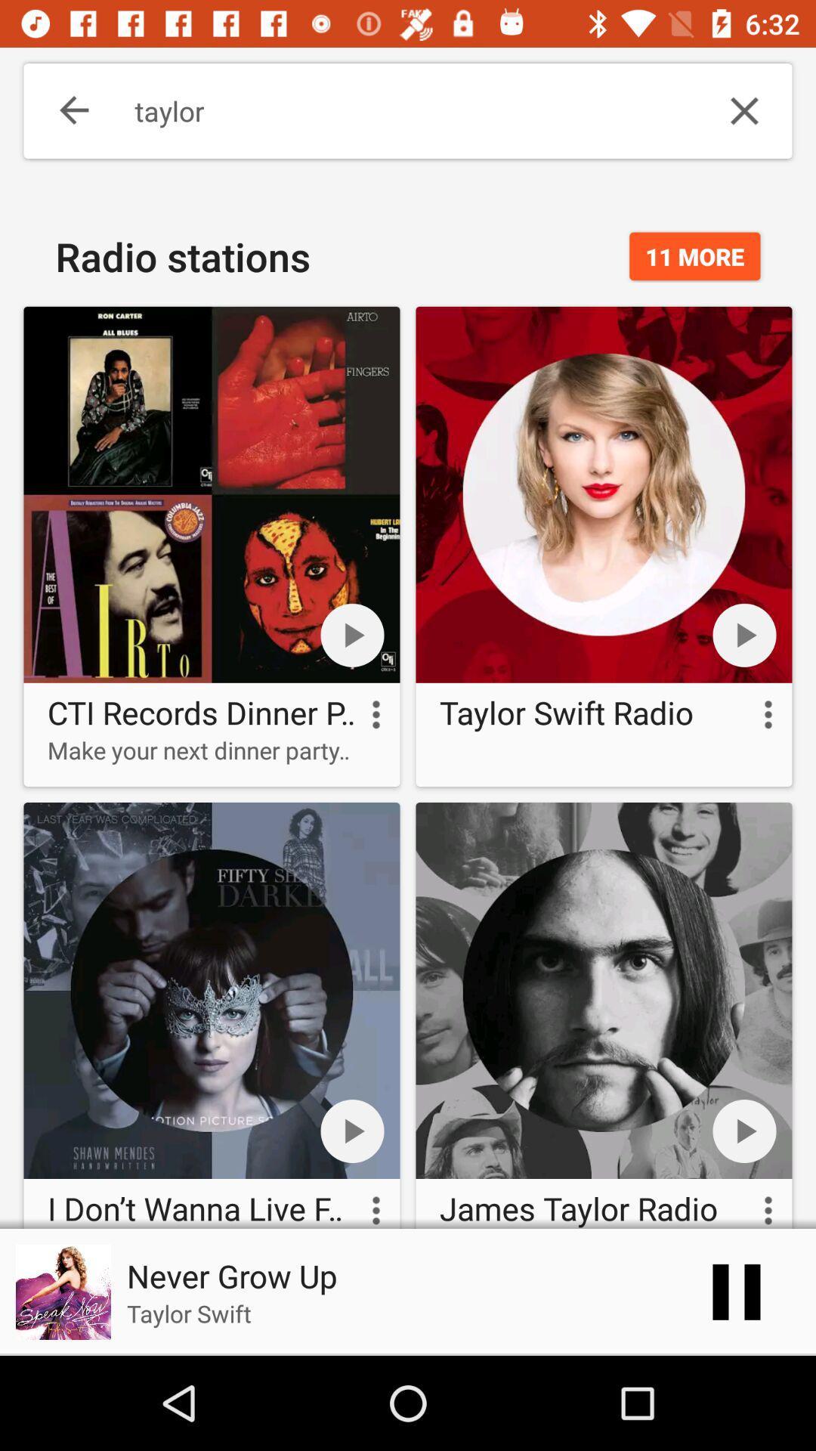 The width and height of the screenshot is (816, 1451). What do you see at coordinates (736, 1291) in the screenshot?
I see `the pause button at right most bottom of the page` at bounding box center [736, 1291].